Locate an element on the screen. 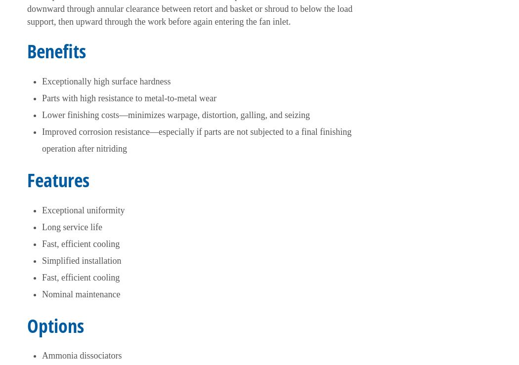  'Options' is located at coordinates (55, 325).